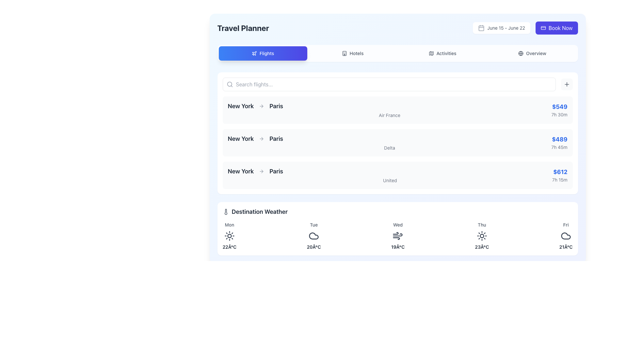  What do you see at coordinates (559, 106) in the screenshot?
I see `the Text label displaying the cost of a flight option, which is positioned on the right side of the top item in the flight options list` at bounding box center [559, 106].